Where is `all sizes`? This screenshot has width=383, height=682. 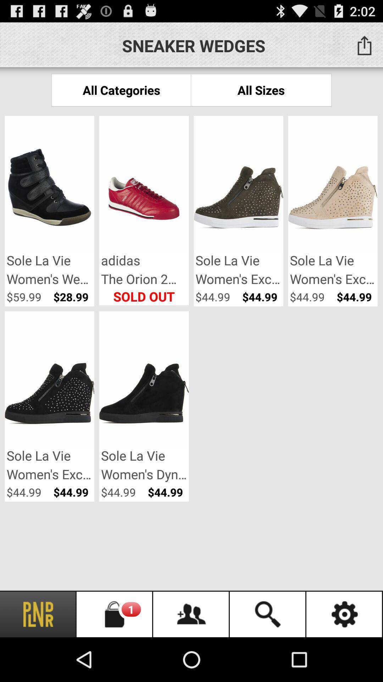
all sizes is located at coordinates (261, 90).